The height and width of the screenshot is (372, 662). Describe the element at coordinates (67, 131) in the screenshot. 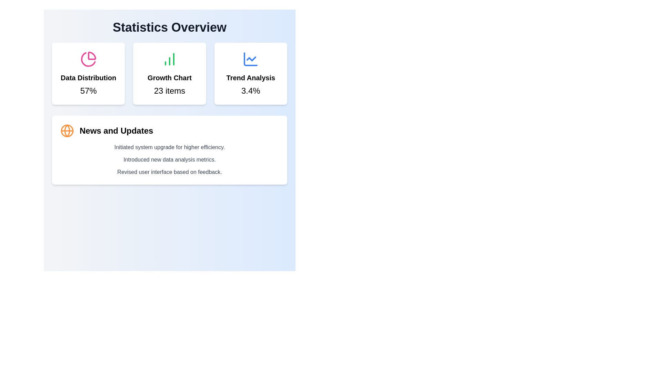

I see `the decorative icon located at the top-left corner of the 'News and Updates' section to identify it` at that location.